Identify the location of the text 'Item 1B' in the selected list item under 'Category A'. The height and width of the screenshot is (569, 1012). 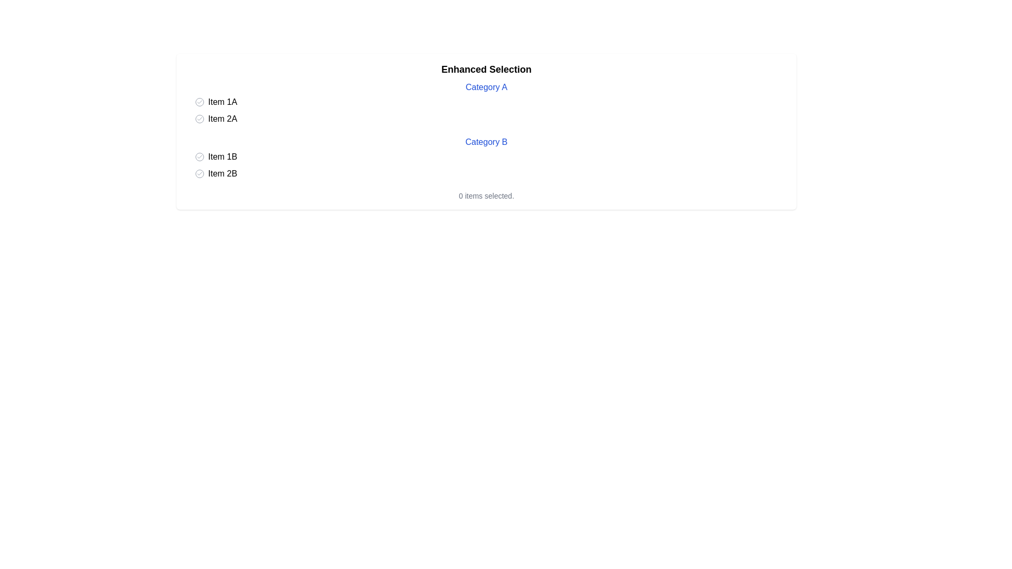
(222, 156).